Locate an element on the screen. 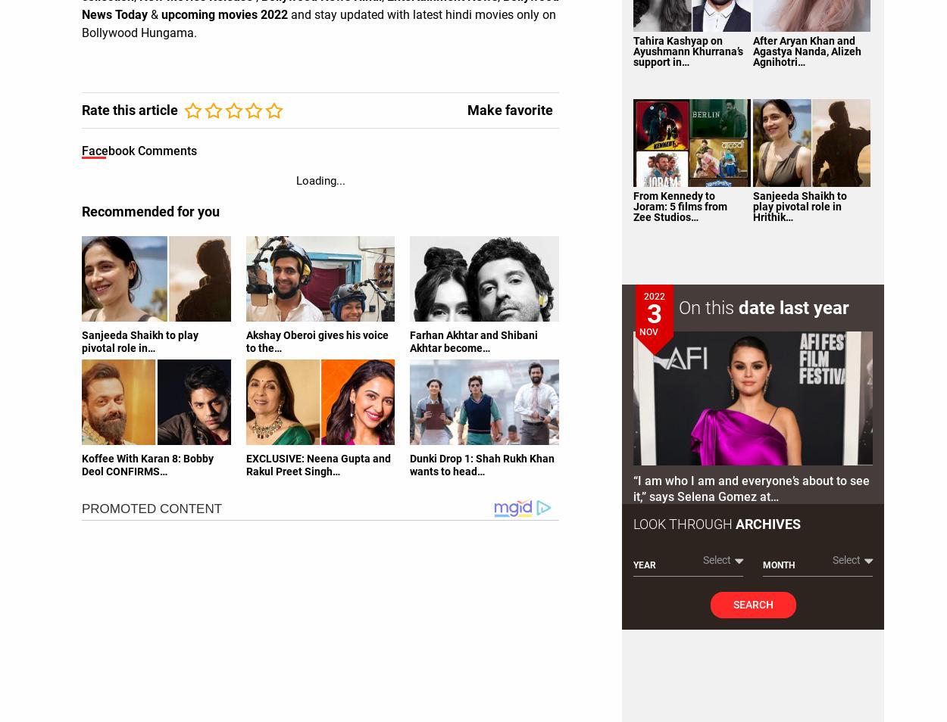 The image size is (947, 722). 'Loading...' is located at coordinates (320, 179).